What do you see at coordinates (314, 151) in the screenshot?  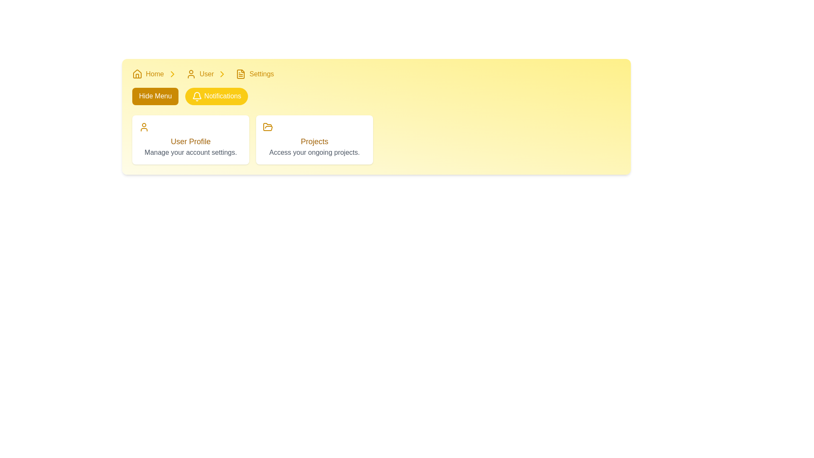 I see `the informational text indicating the purpose or details of accessing ongoing projects, which is located beneath the 'Projects' text within a white rectangular card with rounded corners` at bounding box center [314, 151].